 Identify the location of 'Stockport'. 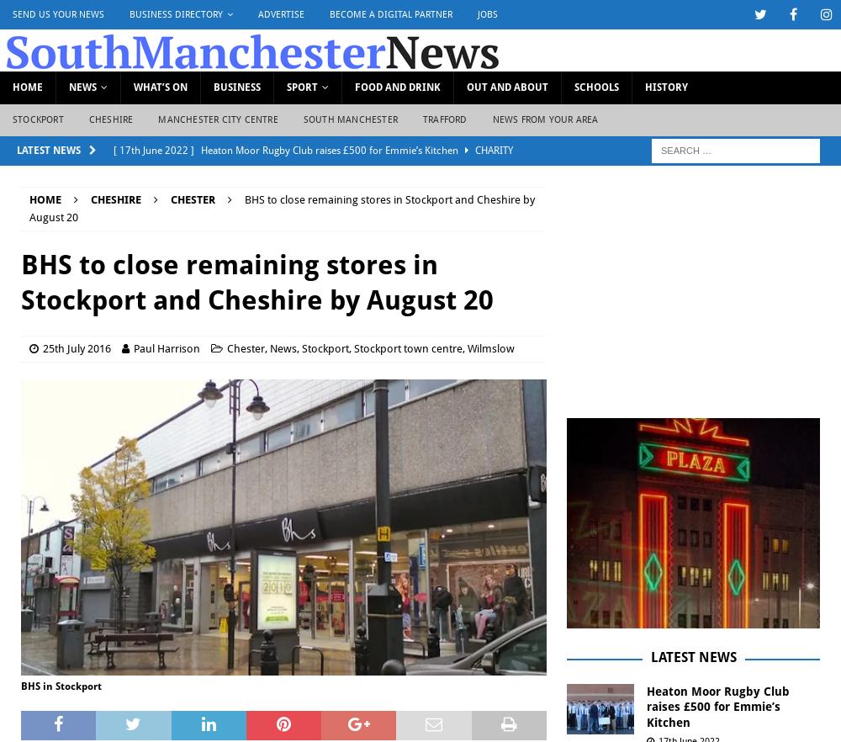
(325, 347).